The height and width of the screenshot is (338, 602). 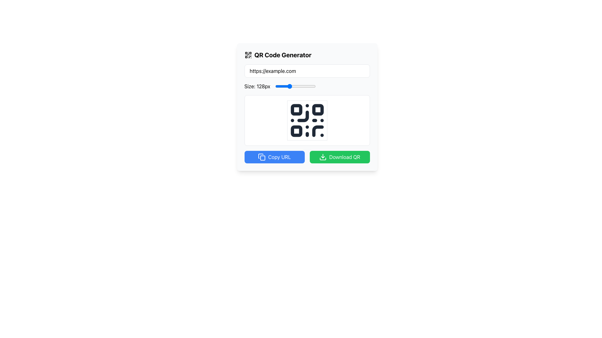 What do you see at coordinates (284, 86) in the screenshot?
I see `the size` at bounding box center [284, 86].